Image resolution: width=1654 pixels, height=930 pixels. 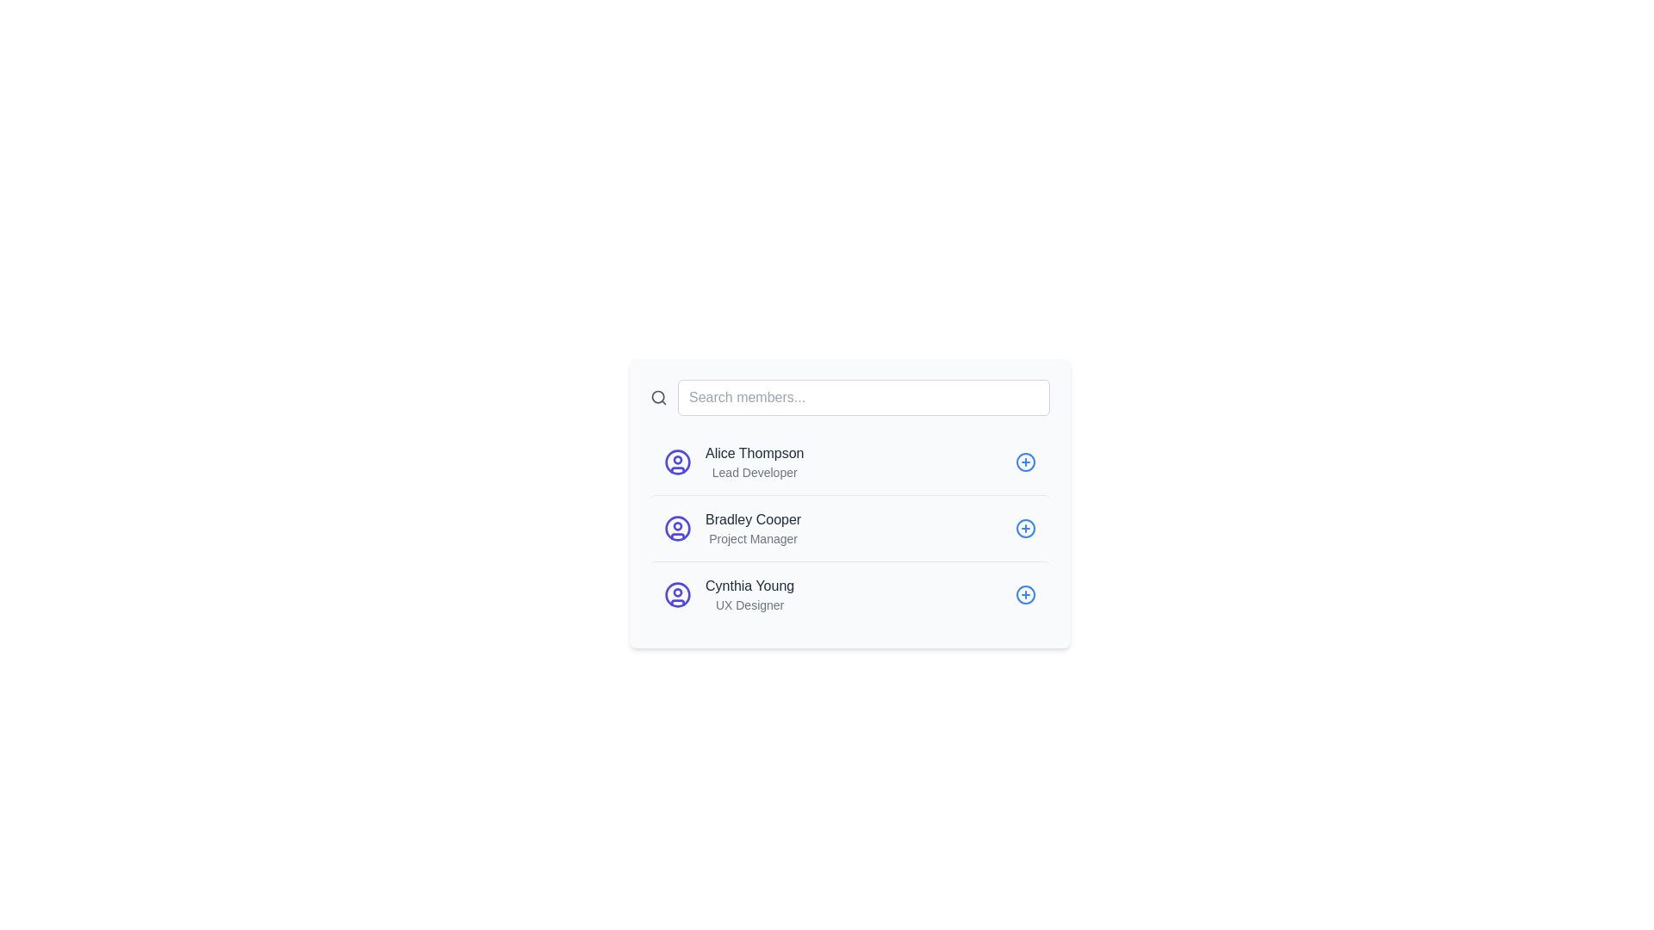 What do you see at coordinates (677, 527) in the screenshot?
I see `the user profile icon, which is an indigo SVG graphic styled with a circular outline and located to the left of 'Bradley Cooper' and 'Project Manager'` at bounding box center [677, 527].